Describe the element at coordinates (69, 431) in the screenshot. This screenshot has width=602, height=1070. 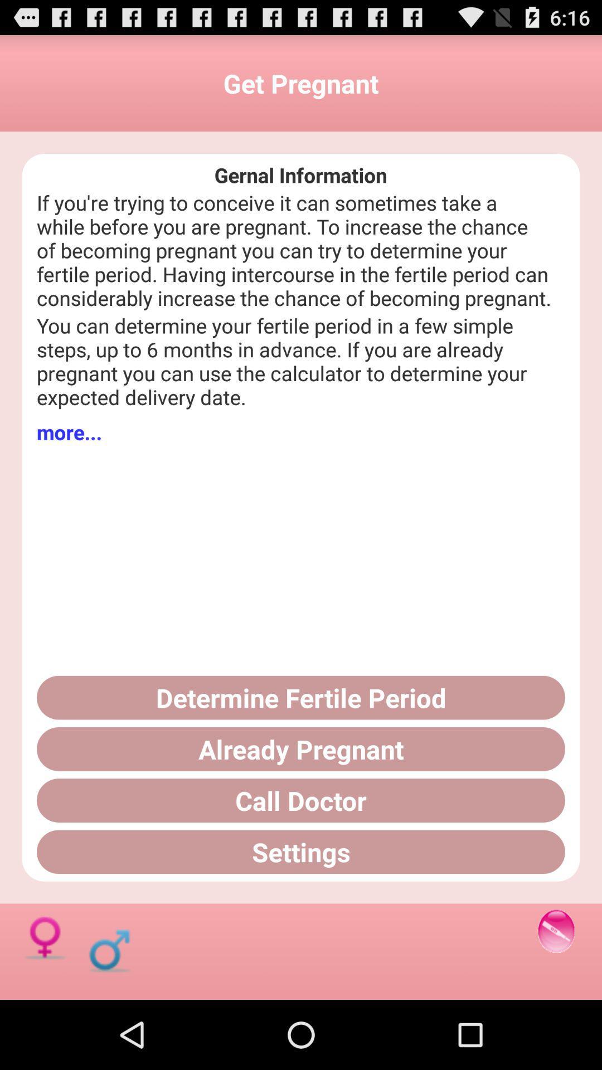
I see `the more... app` at that location.